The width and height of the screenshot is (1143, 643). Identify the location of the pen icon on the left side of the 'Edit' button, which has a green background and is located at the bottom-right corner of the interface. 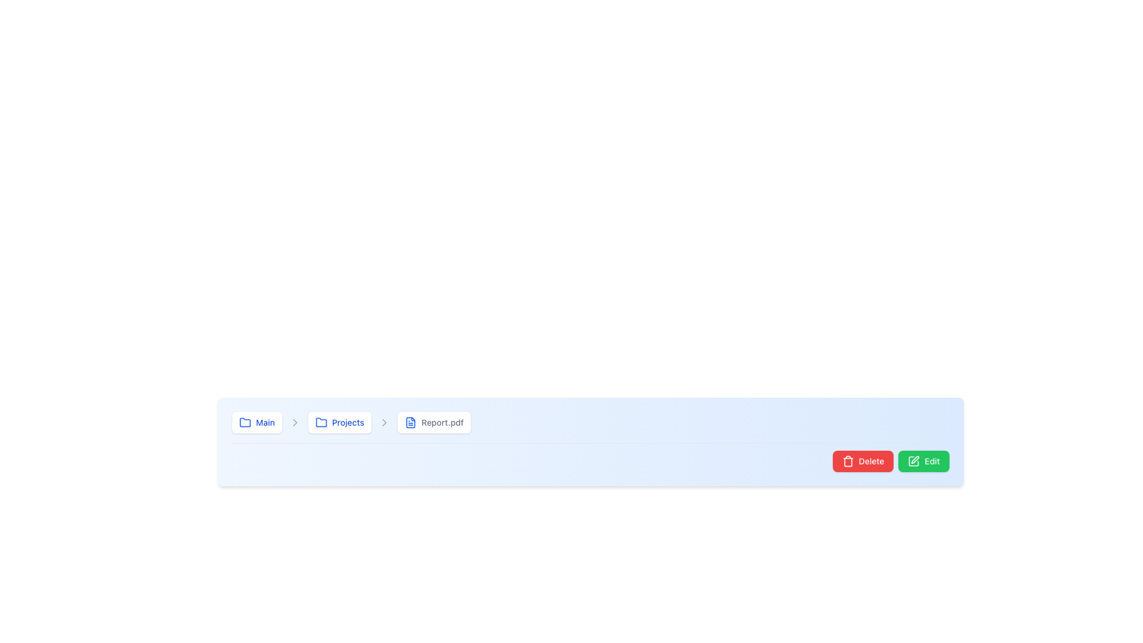
(913, 461).